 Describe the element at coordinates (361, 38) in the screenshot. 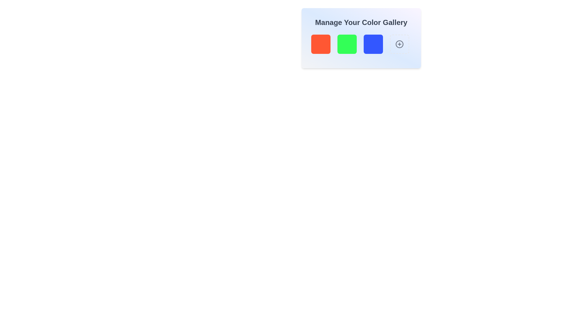

I see `a color square within the Color management display panel` at that location.